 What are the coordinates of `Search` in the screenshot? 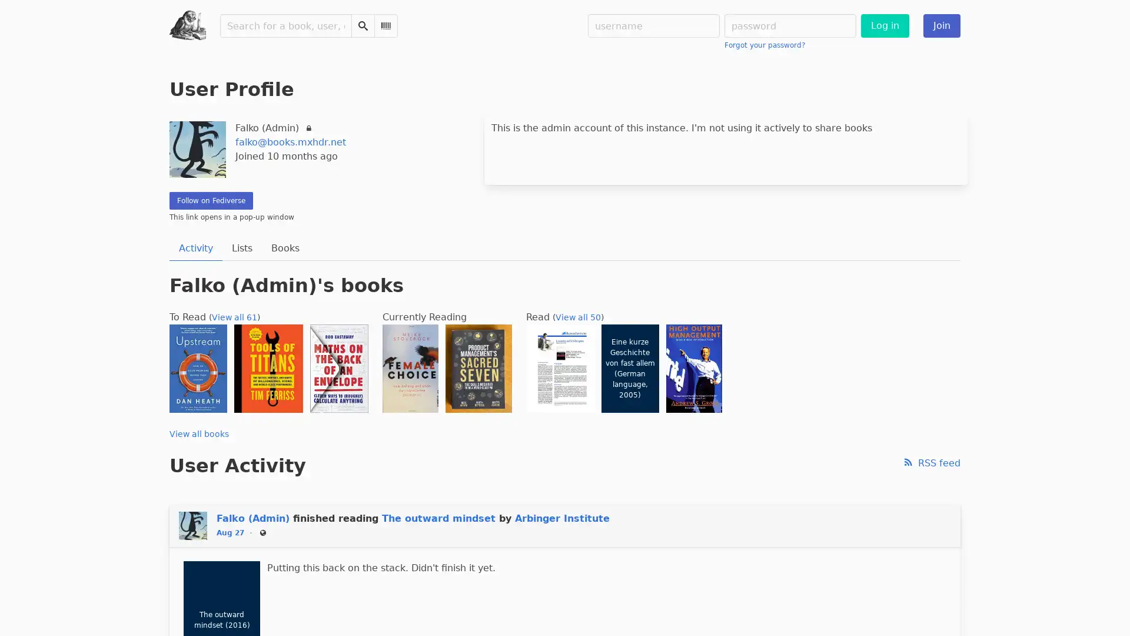 It's located at (363, 25).